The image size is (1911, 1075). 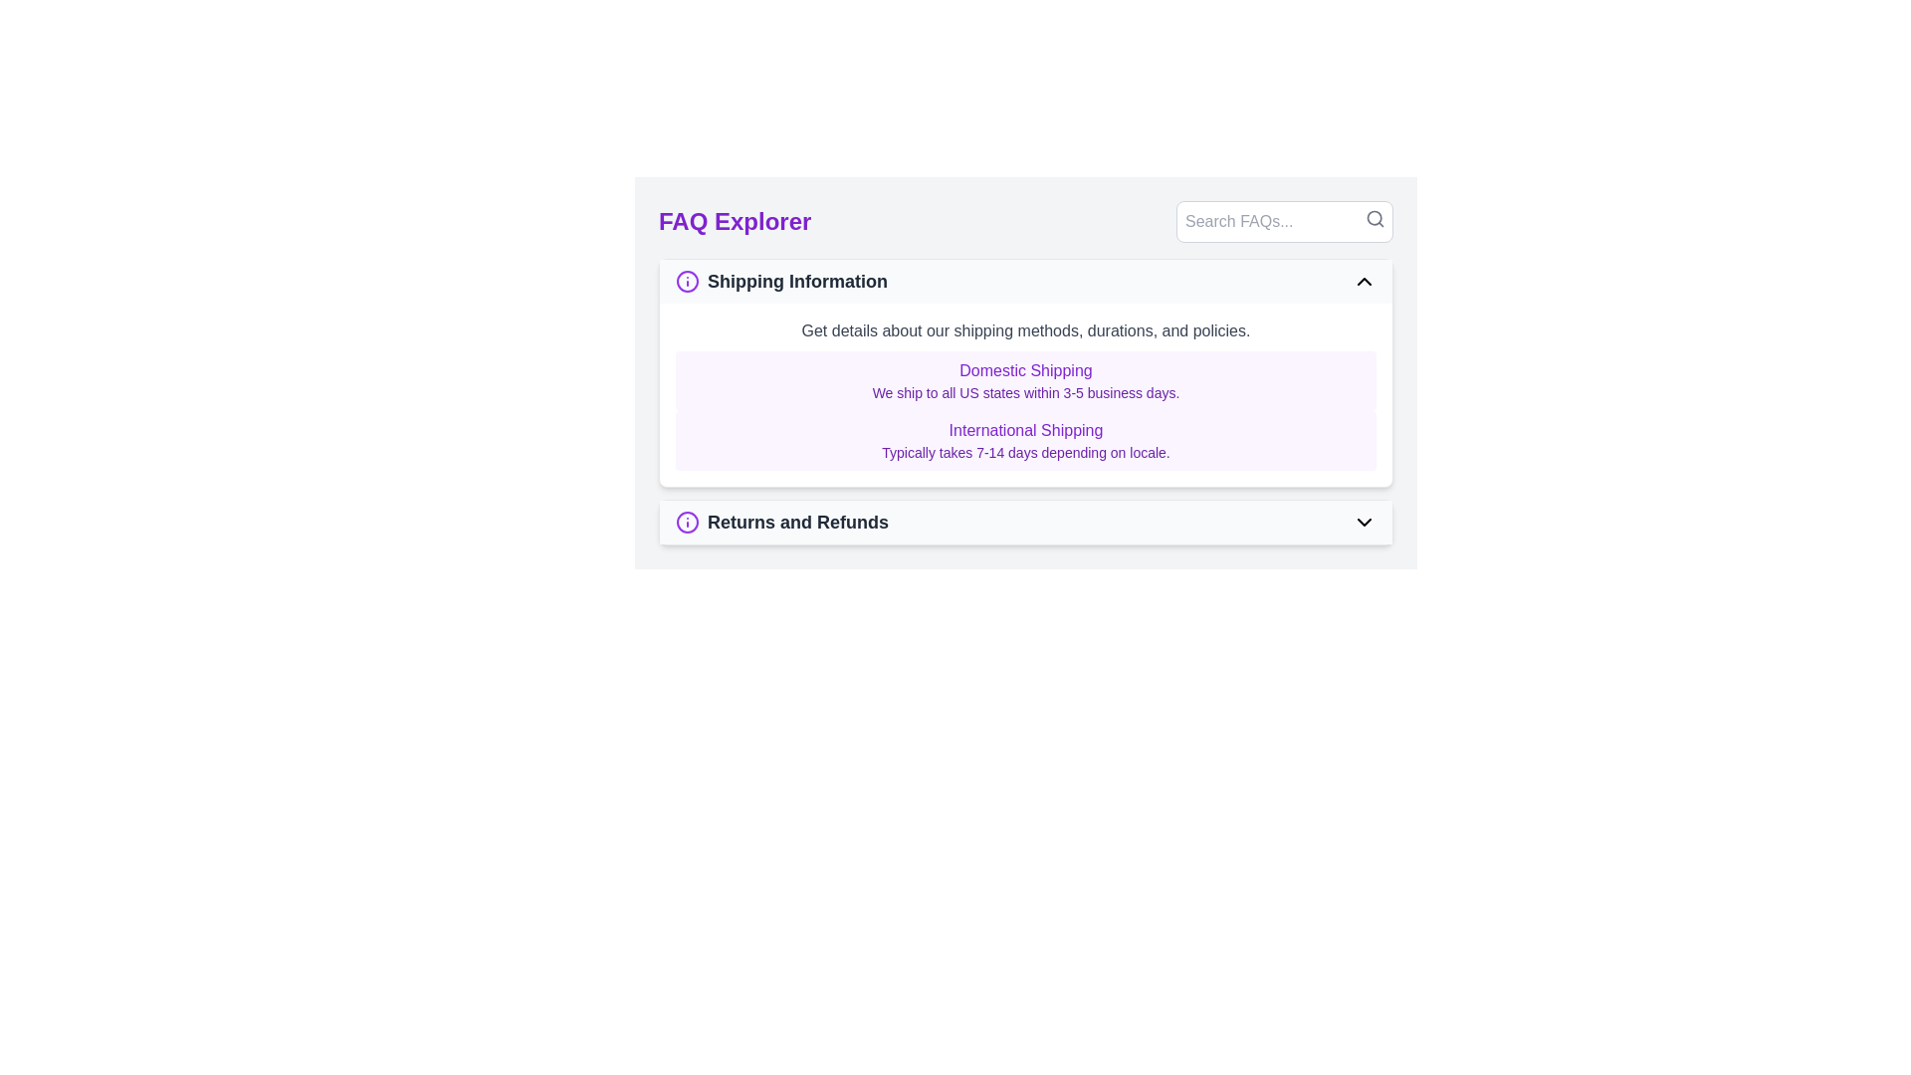 What do you see at coordinates (1026, 392) in the screenshot?
I see `the informative text that reads 'We ship to all US states within 3-5 business days', which is styled in a small purple font and located under the 'Domestic Shipping' section` at bounding box center [1026, 392].